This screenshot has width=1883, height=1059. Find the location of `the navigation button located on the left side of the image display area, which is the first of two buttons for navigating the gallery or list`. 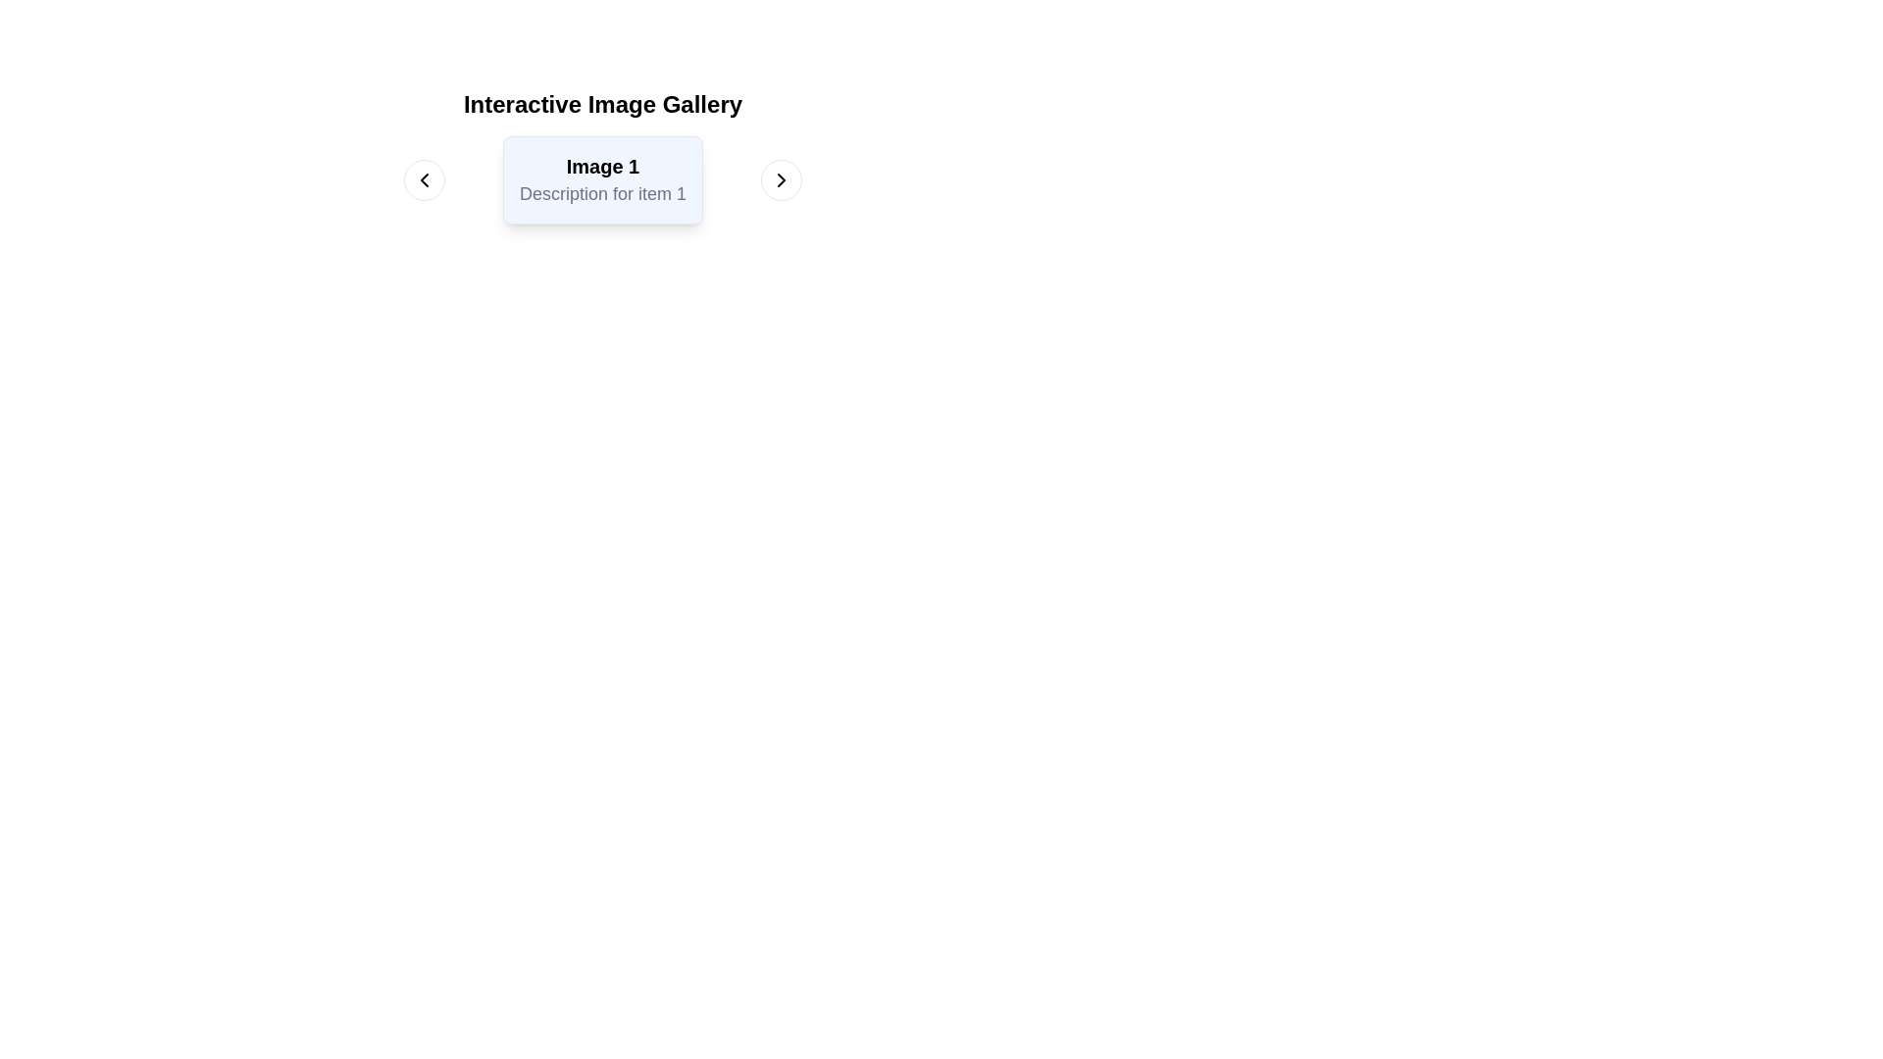

the navigation button located on the left side of the image display area, which is the first of two buttons for navigating the gallery or list is located at coordinates (423, 180).